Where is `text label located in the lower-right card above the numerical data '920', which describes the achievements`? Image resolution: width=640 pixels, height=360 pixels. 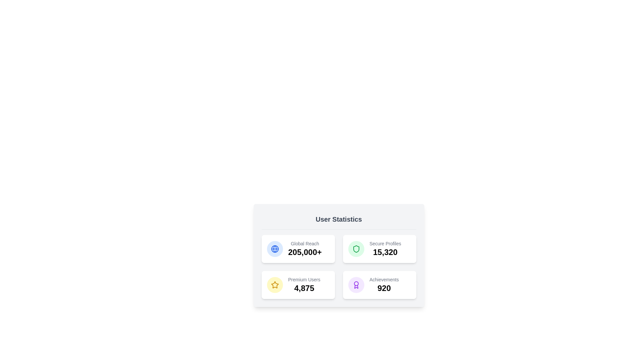
text label located in the lower-right card above the numerical data '920', which describes the achievements is located at coordinates (384, 280).